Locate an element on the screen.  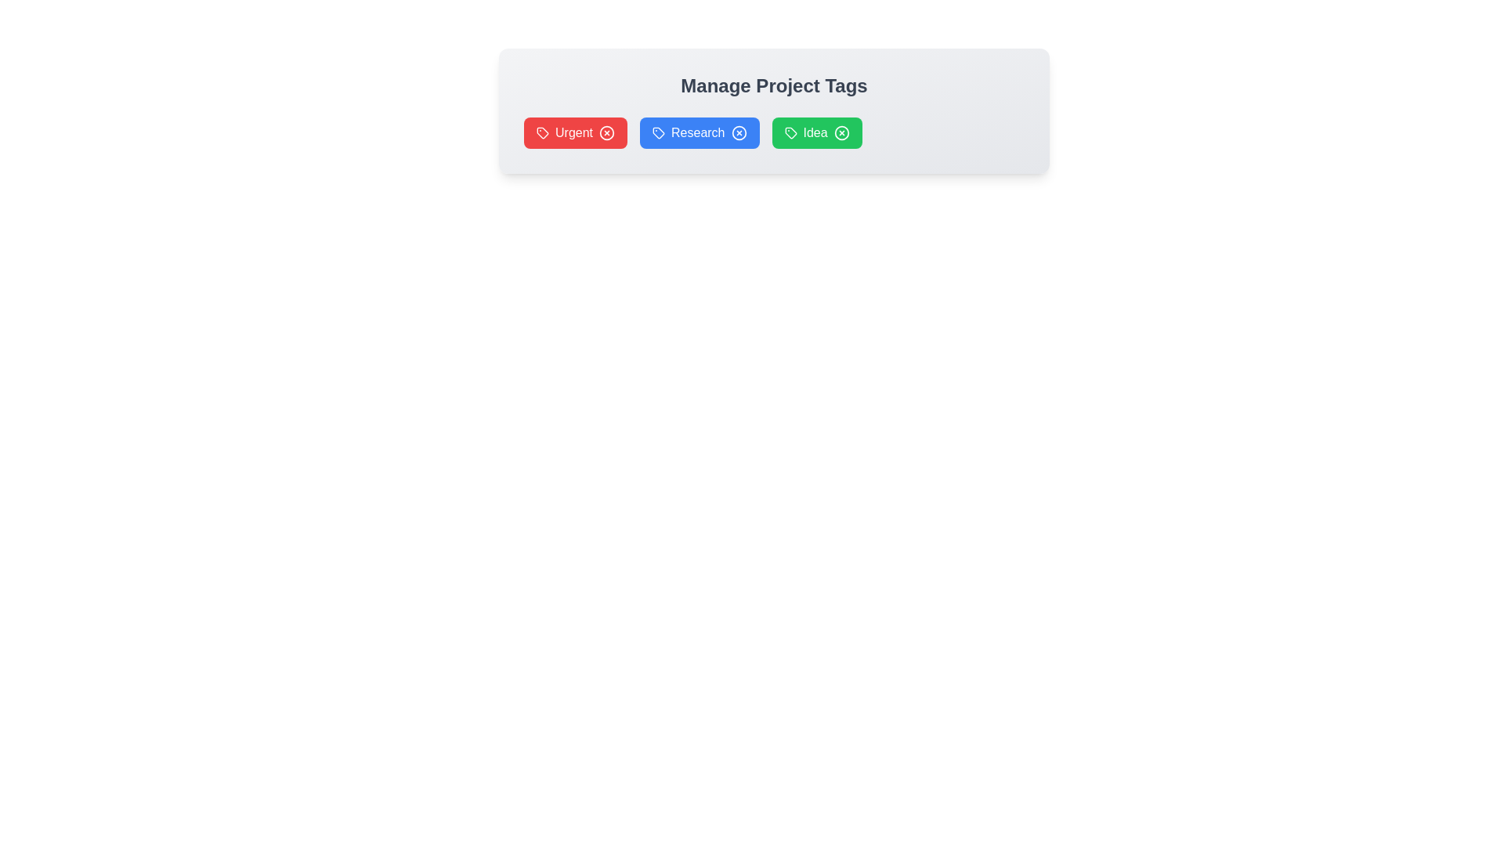
the remove button of the tag labeled Idea is located at coordinates (841, 132).